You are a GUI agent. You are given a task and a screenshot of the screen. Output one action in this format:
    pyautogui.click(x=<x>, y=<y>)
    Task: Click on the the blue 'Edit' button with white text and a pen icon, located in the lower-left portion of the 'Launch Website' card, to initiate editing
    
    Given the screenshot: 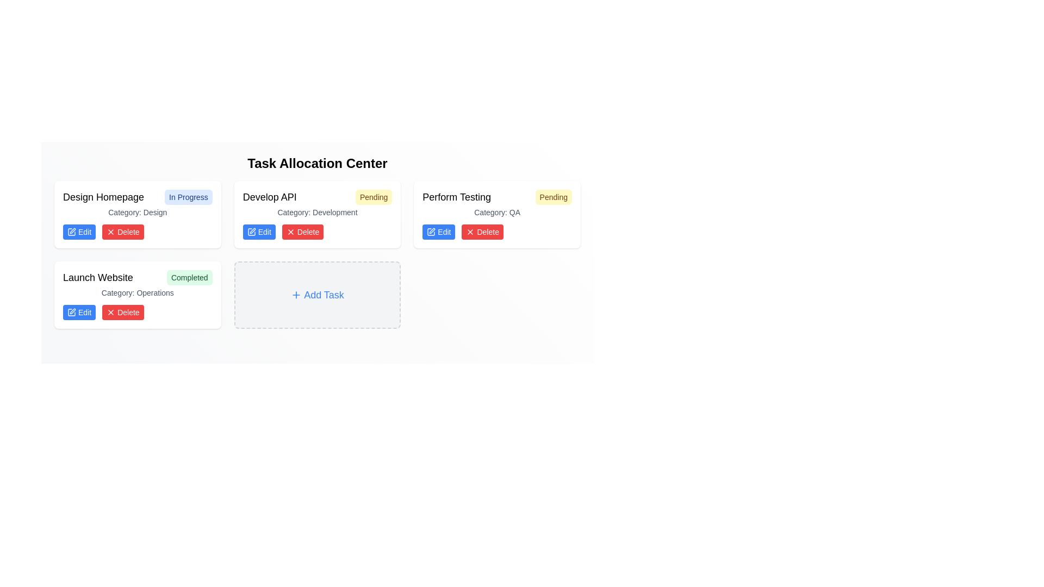 What is the action you would take?
    pyautogui.click(x=79, y=312)
    